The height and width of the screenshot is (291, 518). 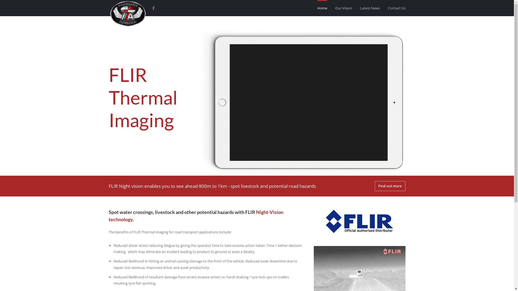 What do you see at coordinates (369, 8) in the screenshot?
I see `'Latest News'` at bounding box center [369, 8].